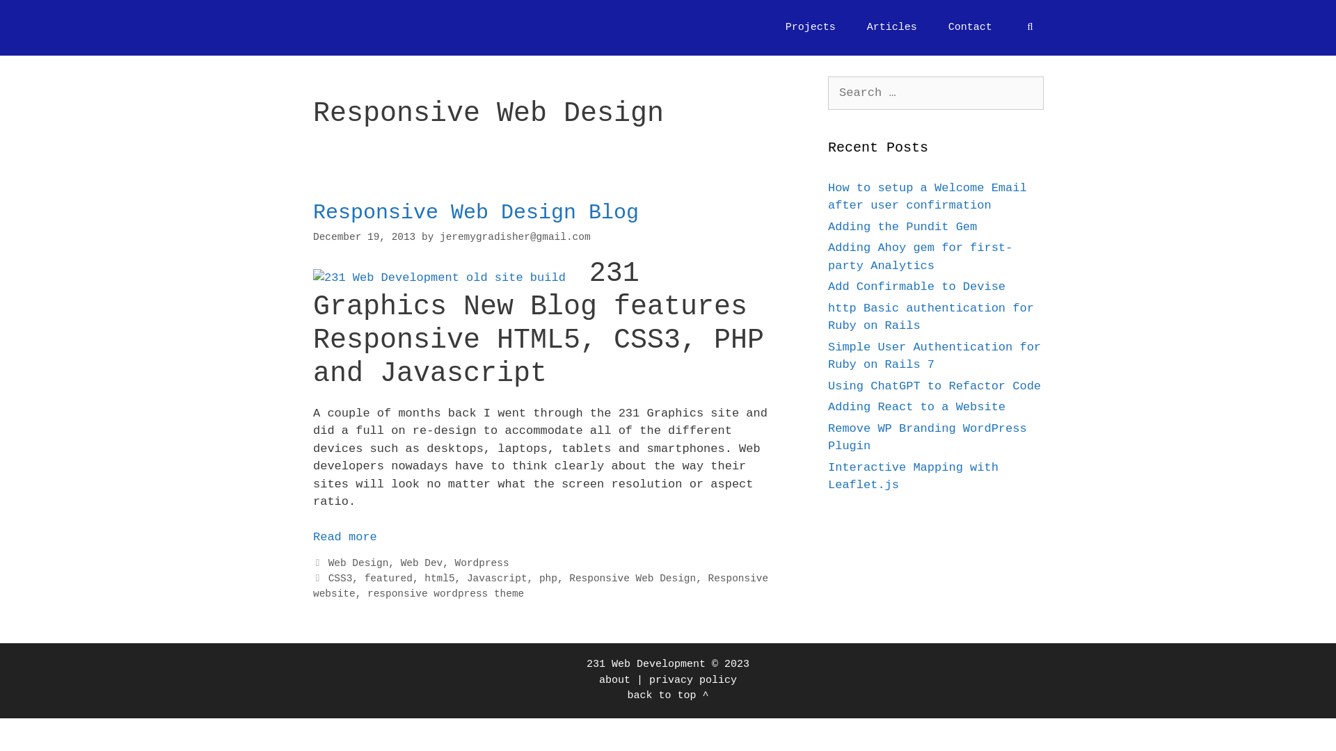  What do you see at coordinates (935, 386) in the screenshot?
I see `'Using ChatGPT to Refactor Code'` at bounding box center [935, 386].